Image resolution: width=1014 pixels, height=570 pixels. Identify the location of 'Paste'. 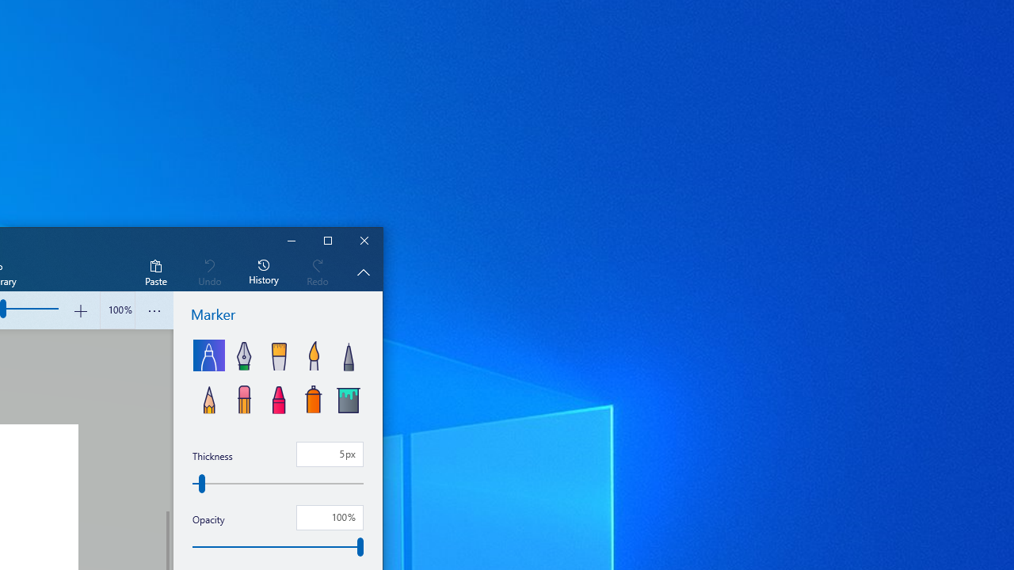
(155, 271).